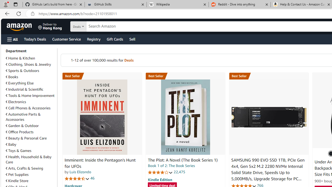  What do you see at coordinates (96, 26) in the screenshot?
I see `'Search in'` at bounding box center [96, 26].